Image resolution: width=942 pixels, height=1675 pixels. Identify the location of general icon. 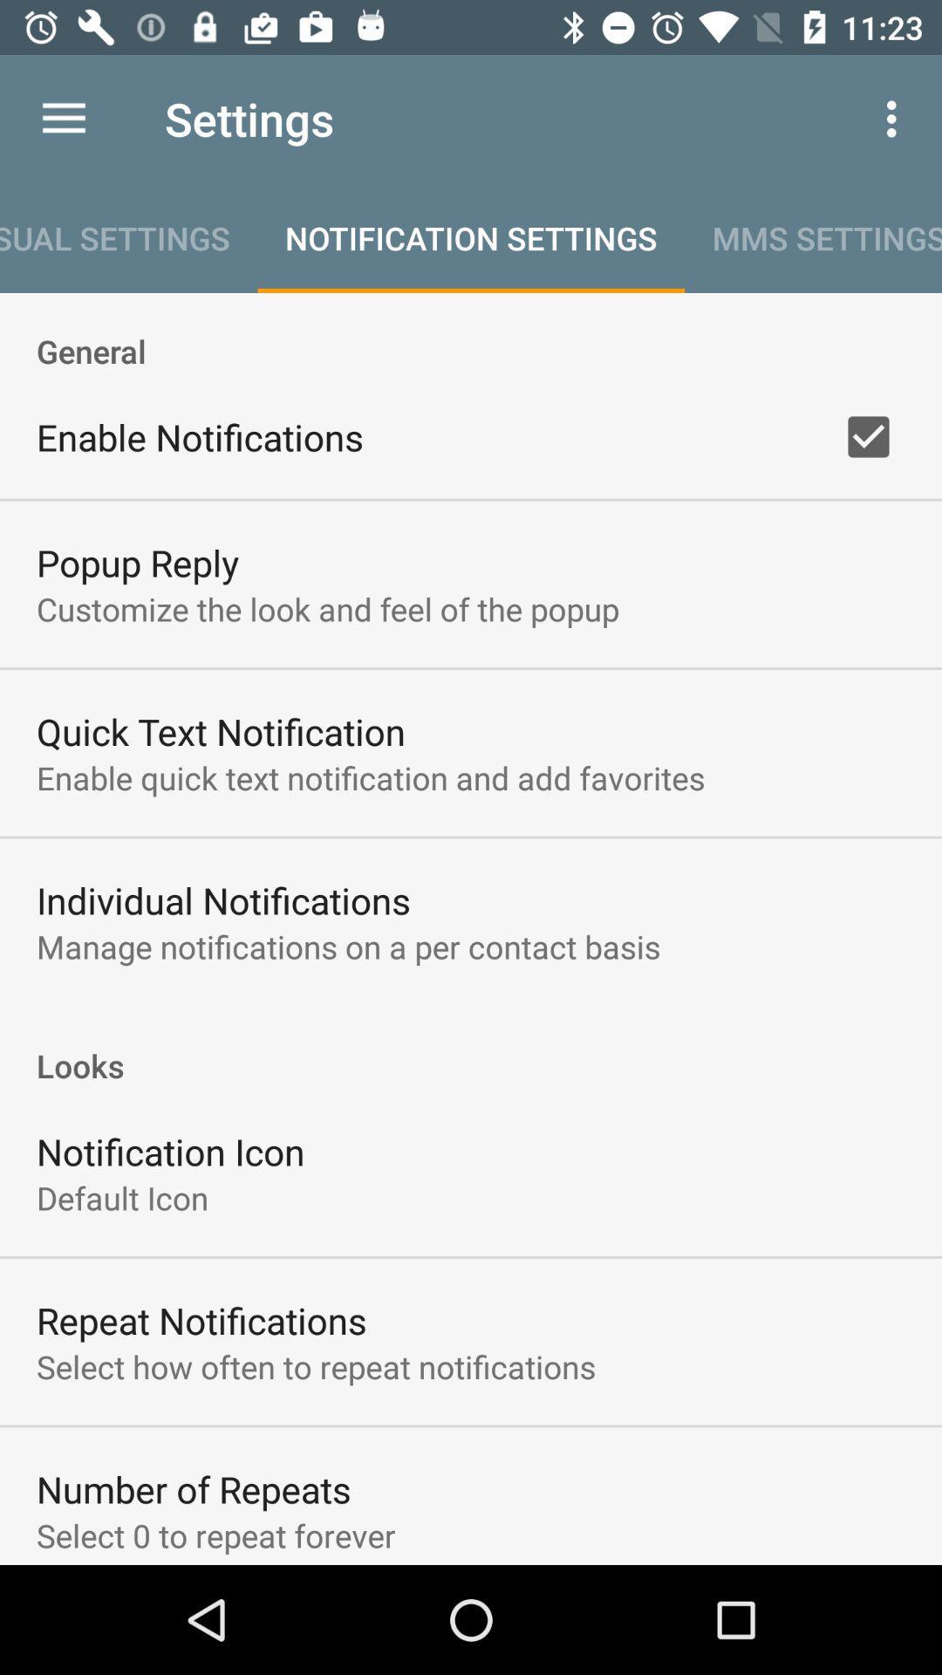
(471, 332).